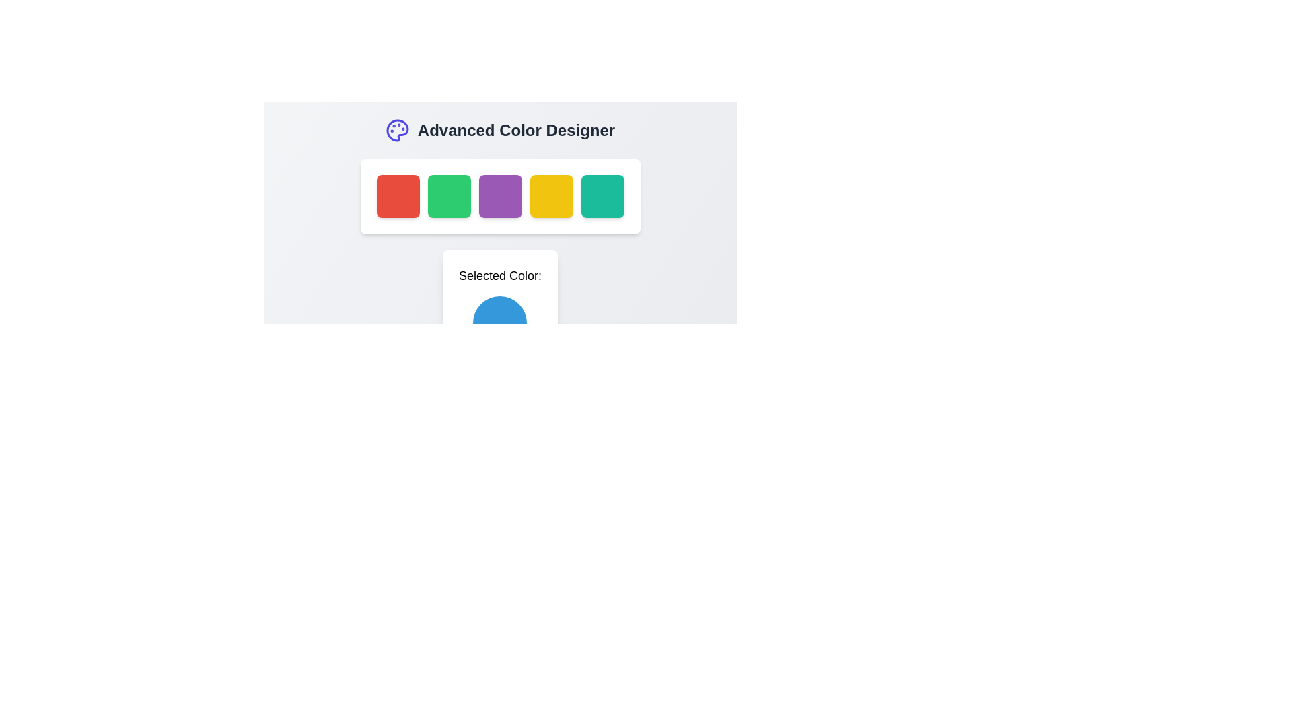 This screenshot has width=1292, height=727. What do you see at coordinates (499, 197) in the screenshot?
I see `the third button in a row of five buttons for color selection, located below the 'Advanced Color Designer' title` at bounding box center [499, 197].